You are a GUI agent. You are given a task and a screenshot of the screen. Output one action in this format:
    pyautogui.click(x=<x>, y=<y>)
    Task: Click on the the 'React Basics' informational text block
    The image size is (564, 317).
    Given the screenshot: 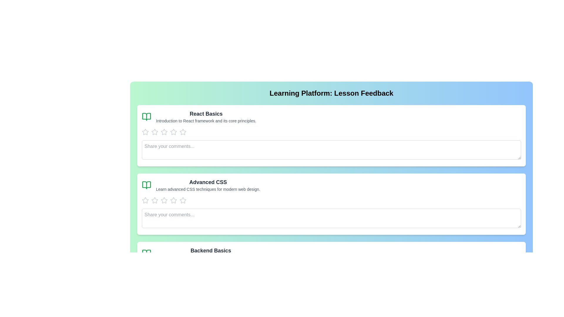 What is the action you would take?
    pyautogui.click(x=206, y=117)
    